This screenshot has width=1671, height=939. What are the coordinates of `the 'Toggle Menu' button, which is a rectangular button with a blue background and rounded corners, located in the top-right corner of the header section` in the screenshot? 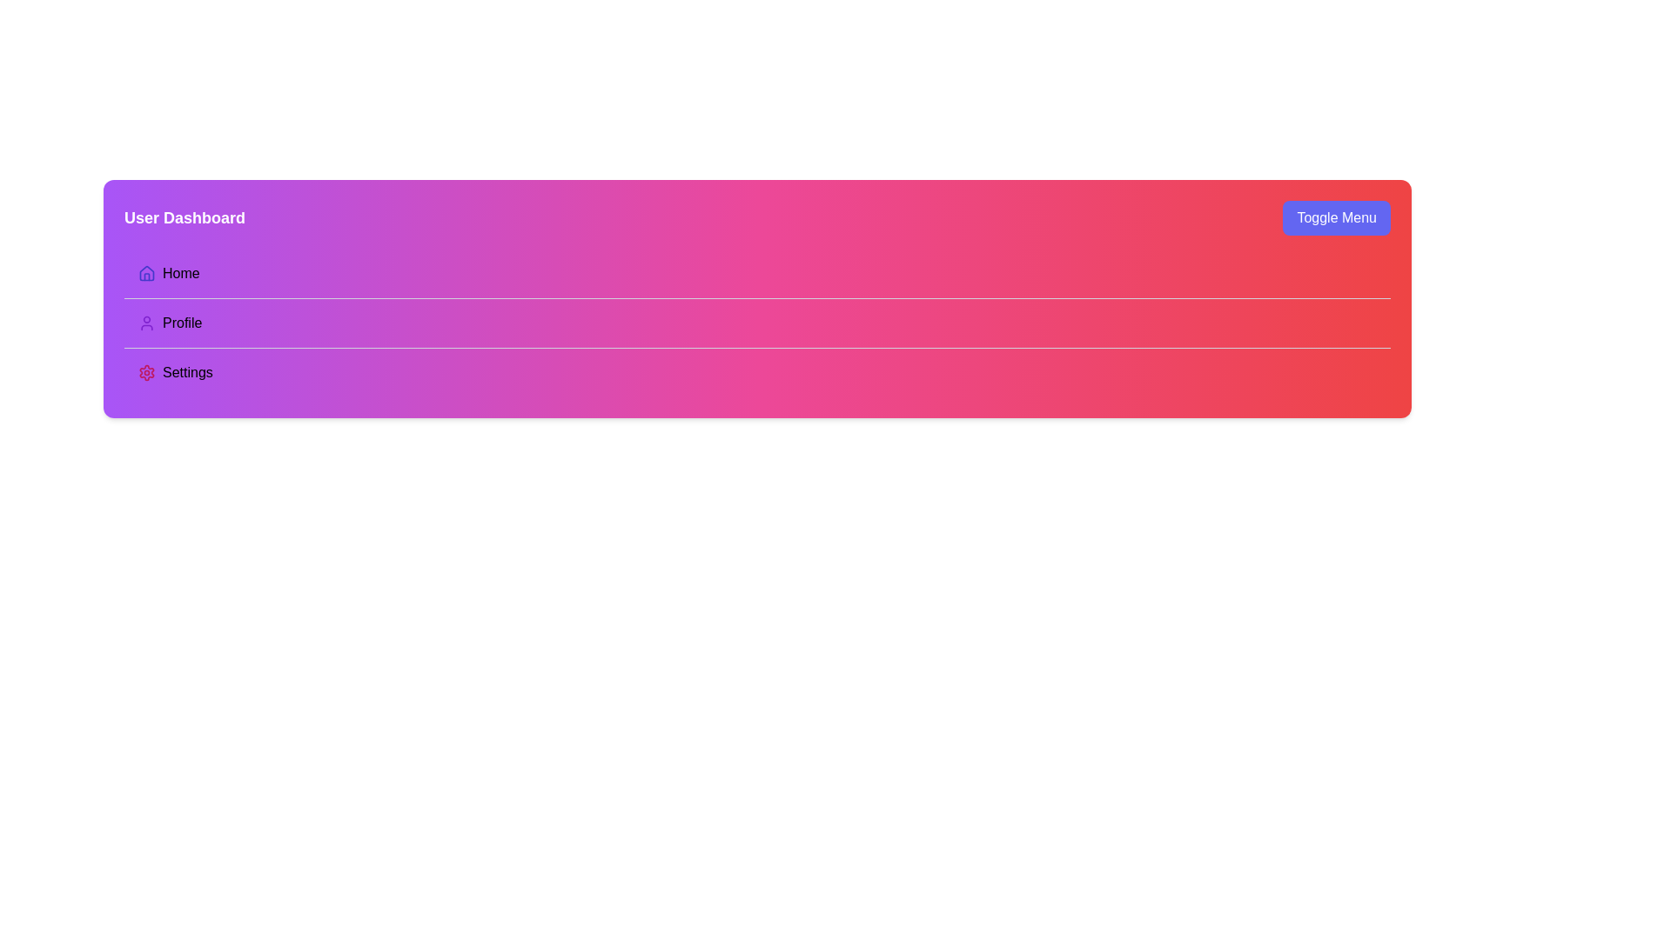 It's located at (1336, 216).